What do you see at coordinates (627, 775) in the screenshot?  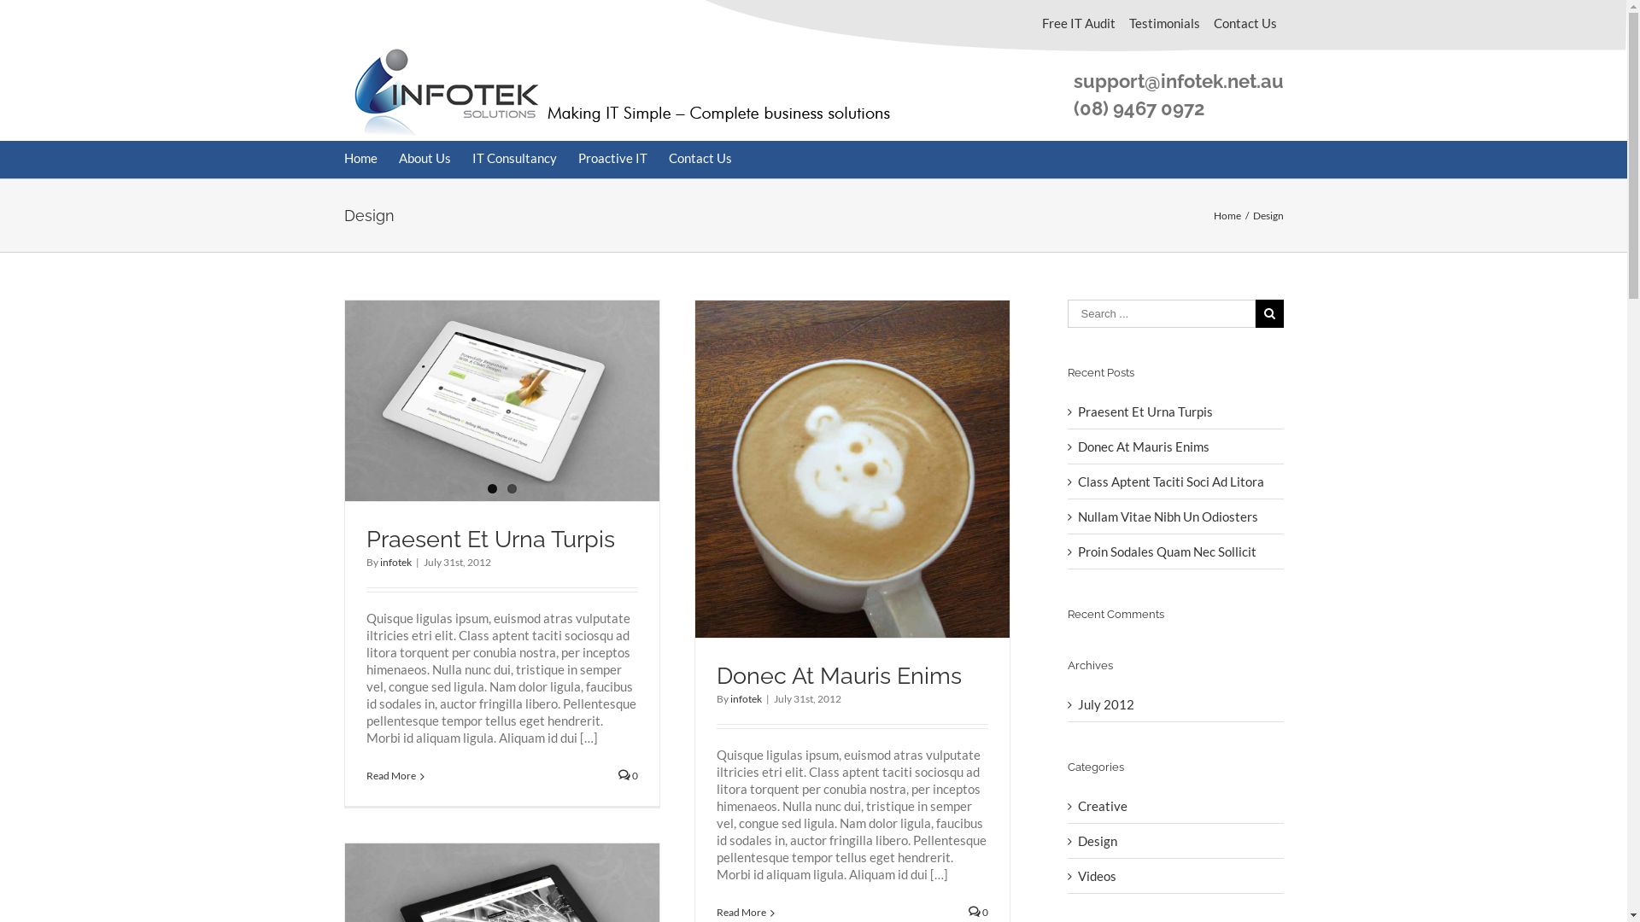 I see `' 0'` at bounding box center [627, 775].